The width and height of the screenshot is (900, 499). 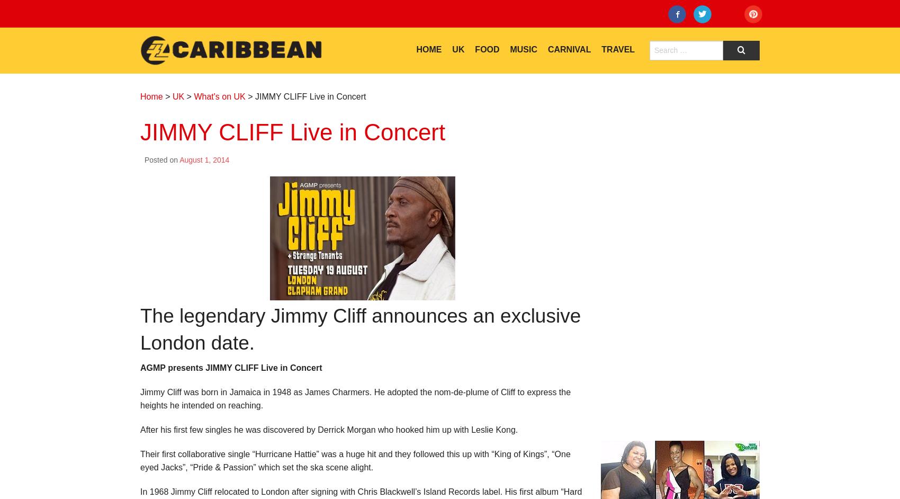 What do you see at coordinates (523, 49) in the screenshot?
I see `'Music'` at bounding box center [523, 49].